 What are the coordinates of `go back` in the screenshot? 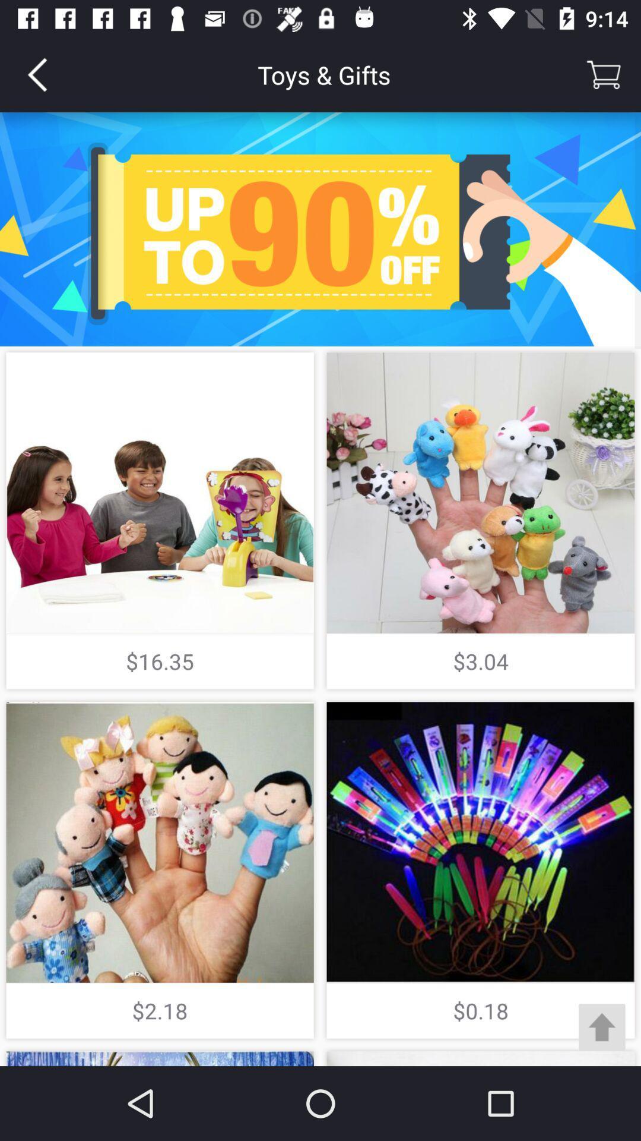 It's located at (36, 74).